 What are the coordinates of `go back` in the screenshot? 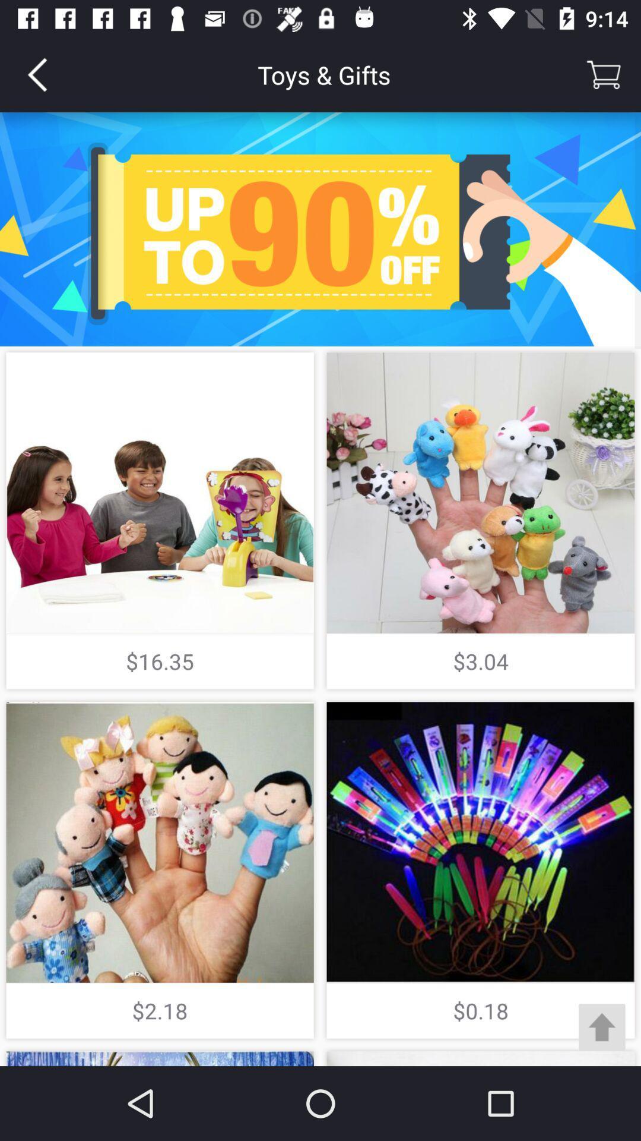 It's located at (36, 74).